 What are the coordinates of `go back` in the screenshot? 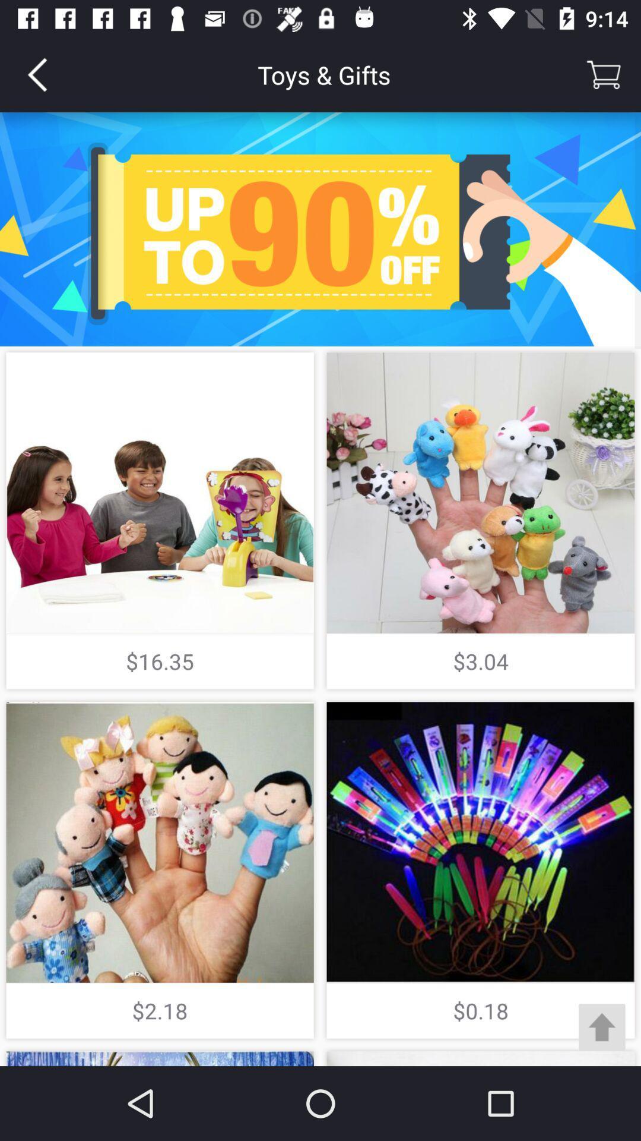 It's located at (36, 74).